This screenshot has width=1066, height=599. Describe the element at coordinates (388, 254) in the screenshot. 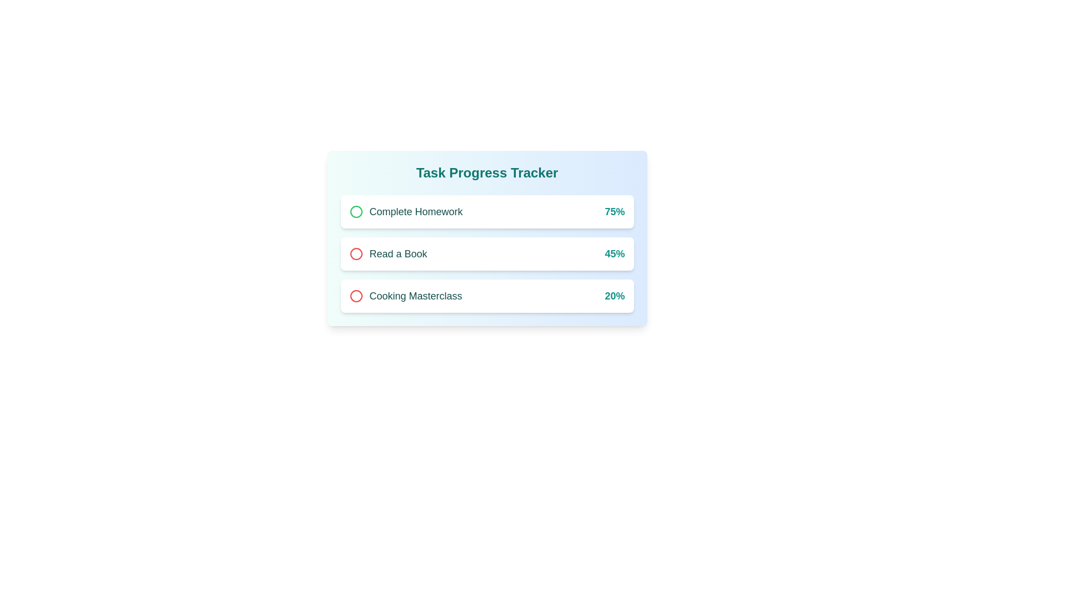

I see `the text 'Read a Book' which is styled with a medium-sized sans-serif font and teal color, located below 'Complete Homework' and above 'Cooking Masterclass'` at that location.